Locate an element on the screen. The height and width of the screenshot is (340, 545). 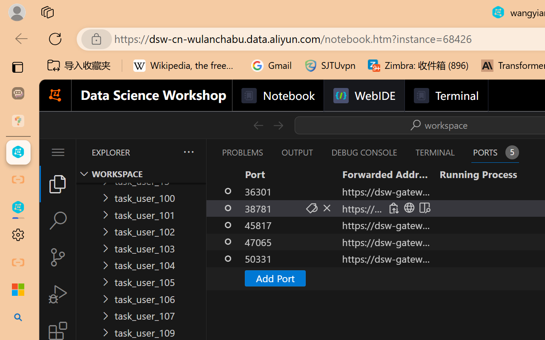
'Problems (Ctrl+Shift+M)' is located at coordinates (241, 152).